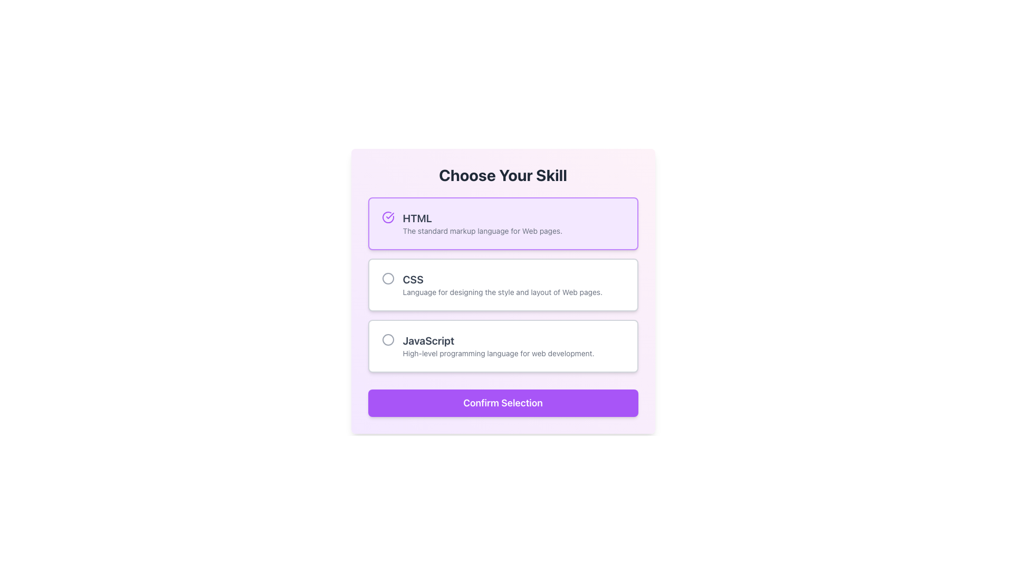  What do you see at coordinates (502, 292) in the screenshot?
I see `the text label that reads 'Language for designing the style and layout of Web pages.', which is located directly below the bold header 'CSS' in the second card from the top` at bounding box center [502, 292].